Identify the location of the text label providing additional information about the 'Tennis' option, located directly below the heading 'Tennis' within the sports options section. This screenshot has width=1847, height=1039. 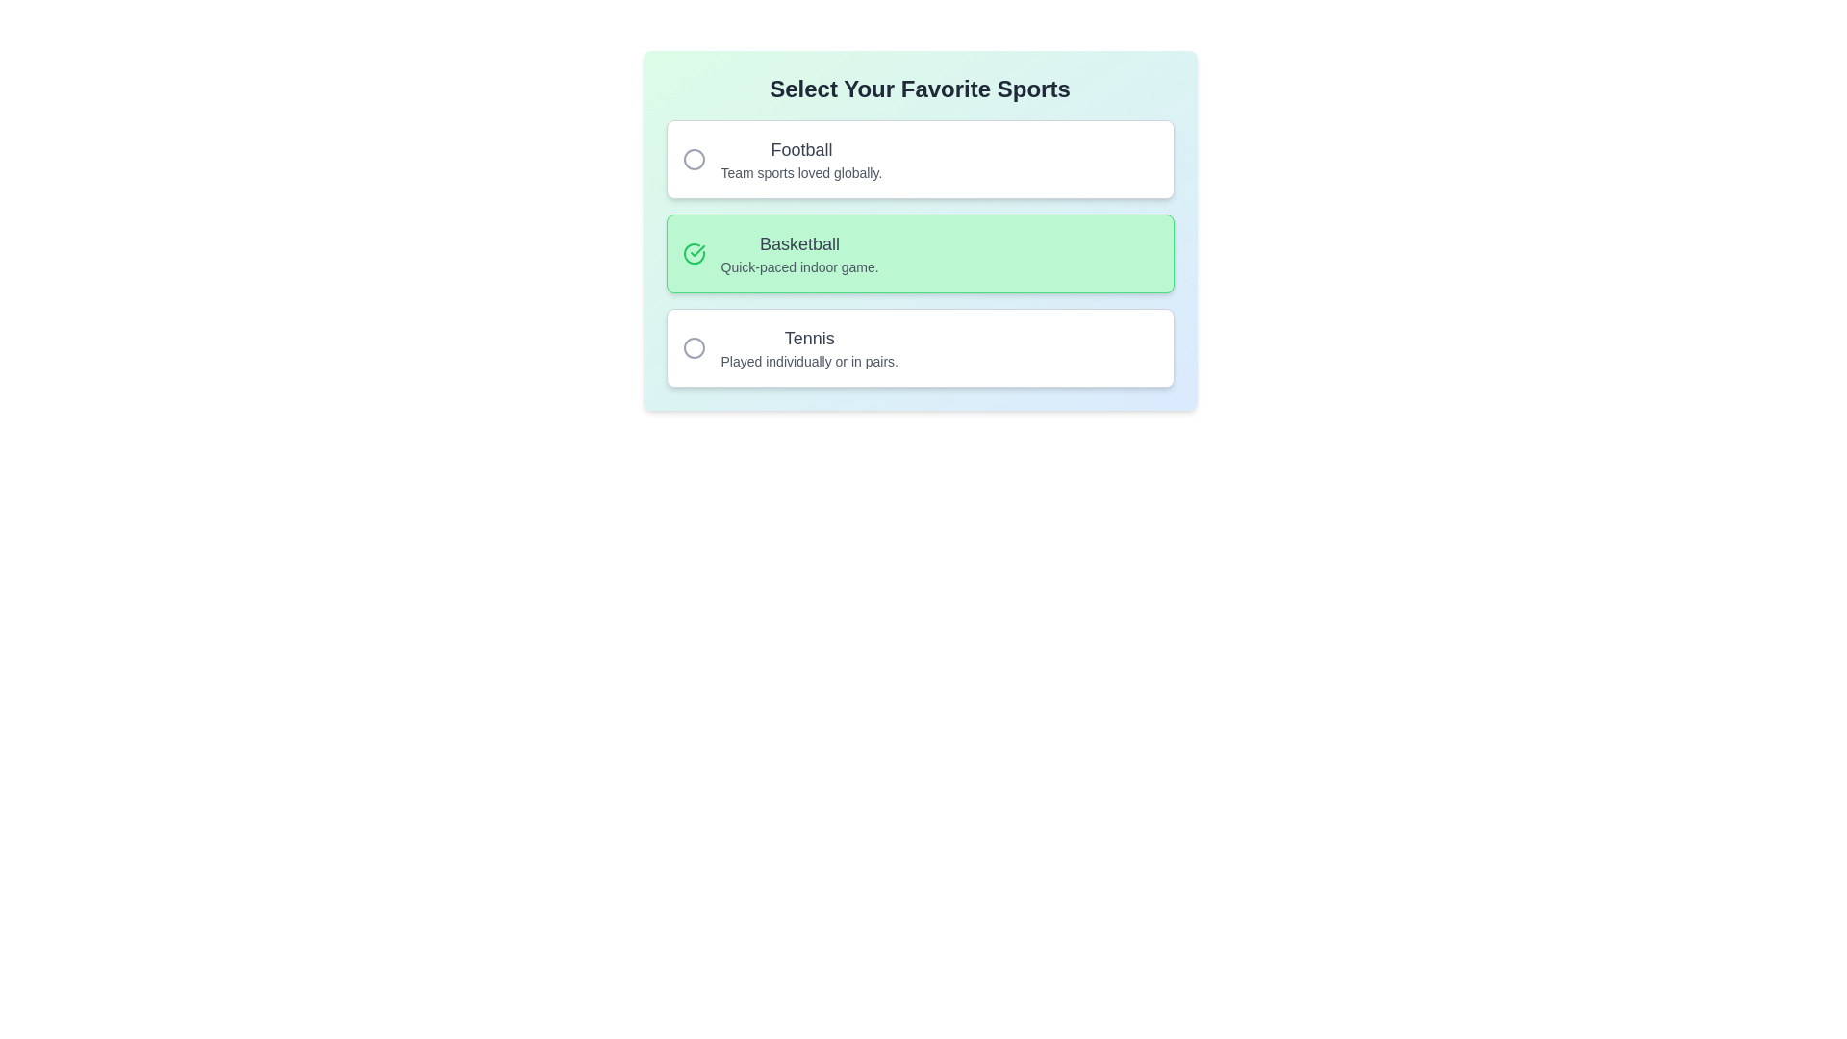
(809, 361).